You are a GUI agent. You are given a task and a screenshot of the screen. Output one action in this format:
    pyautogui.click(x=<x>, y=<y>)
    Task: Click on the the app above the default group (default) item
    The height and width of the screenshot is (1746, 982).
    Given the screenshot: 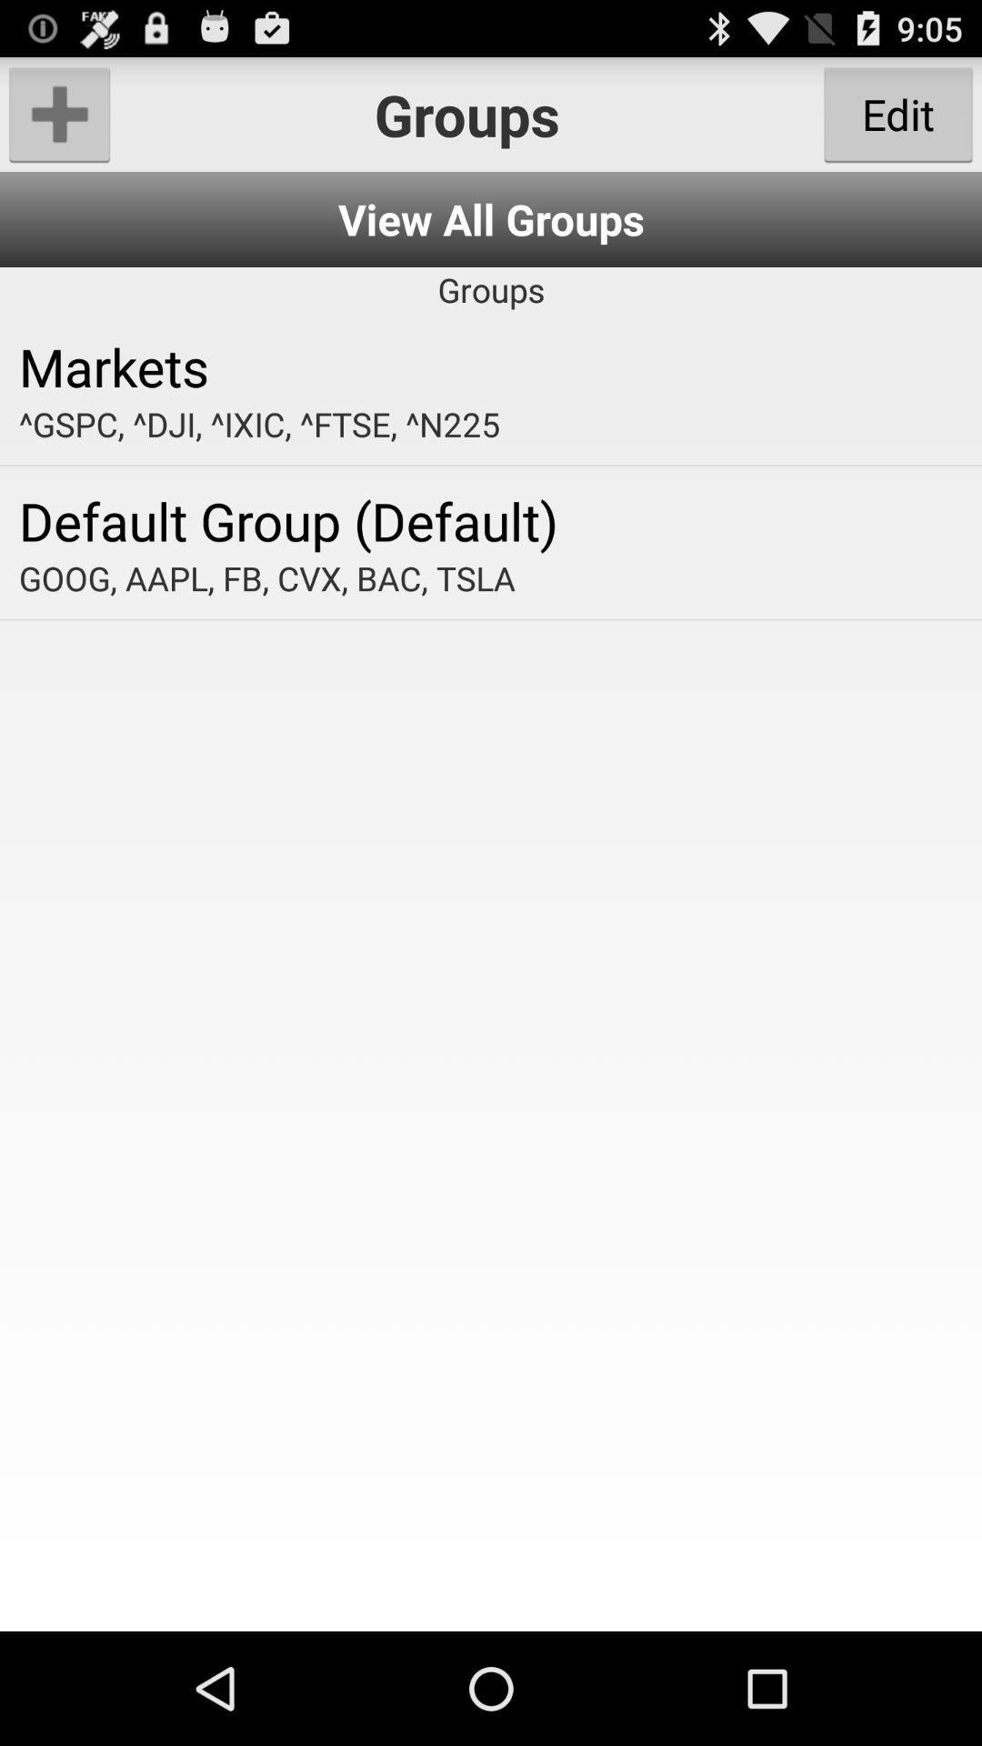 What is the action you would take?
    pyautogui.click(x=491, y=423)
    